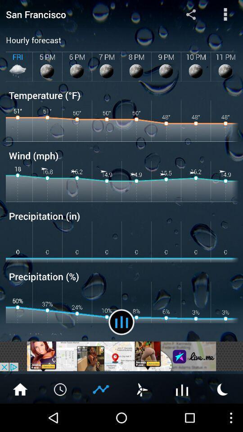 The image size is (243, 432). I want to click on music volume option, so click(121, 322).